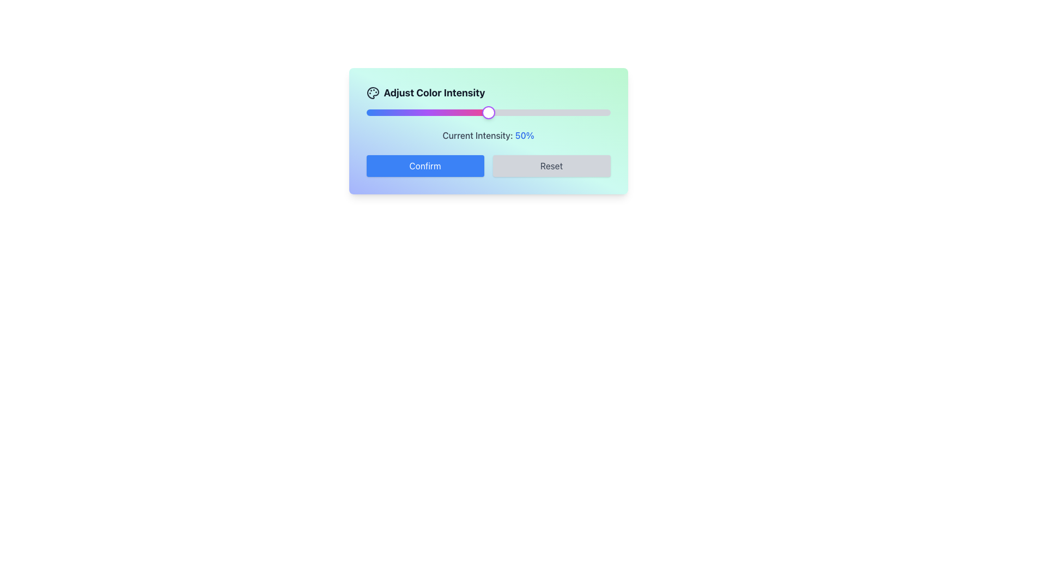  Describe the element at coordinates (570, 113) in the screenshot. I see `the color intensity` at that location.